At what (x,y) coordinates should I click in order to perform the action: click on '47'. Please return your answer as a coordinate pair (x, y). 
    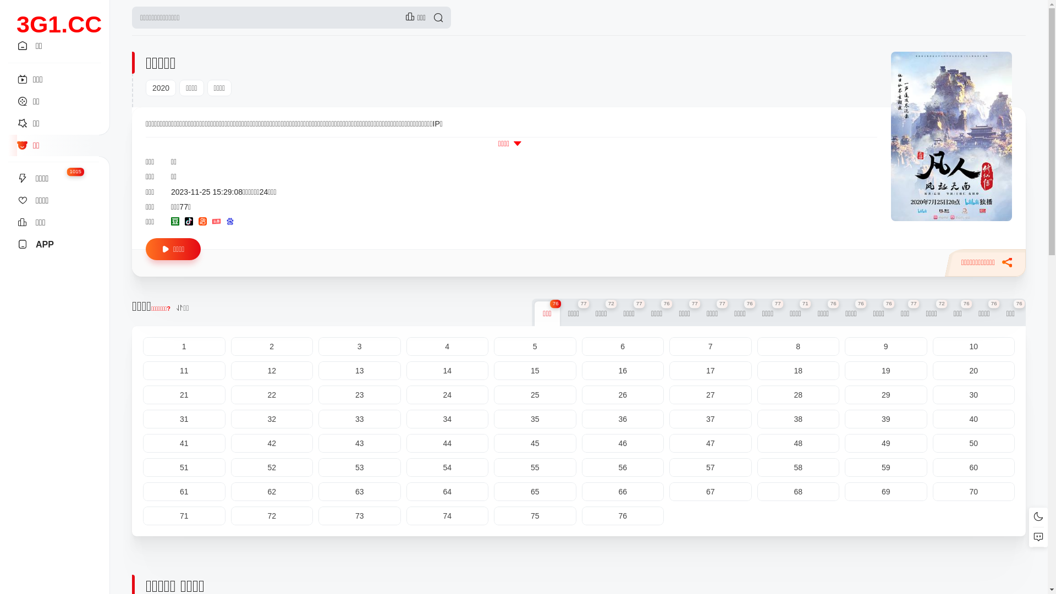
    Looking at the image, I should click on (710, 443).